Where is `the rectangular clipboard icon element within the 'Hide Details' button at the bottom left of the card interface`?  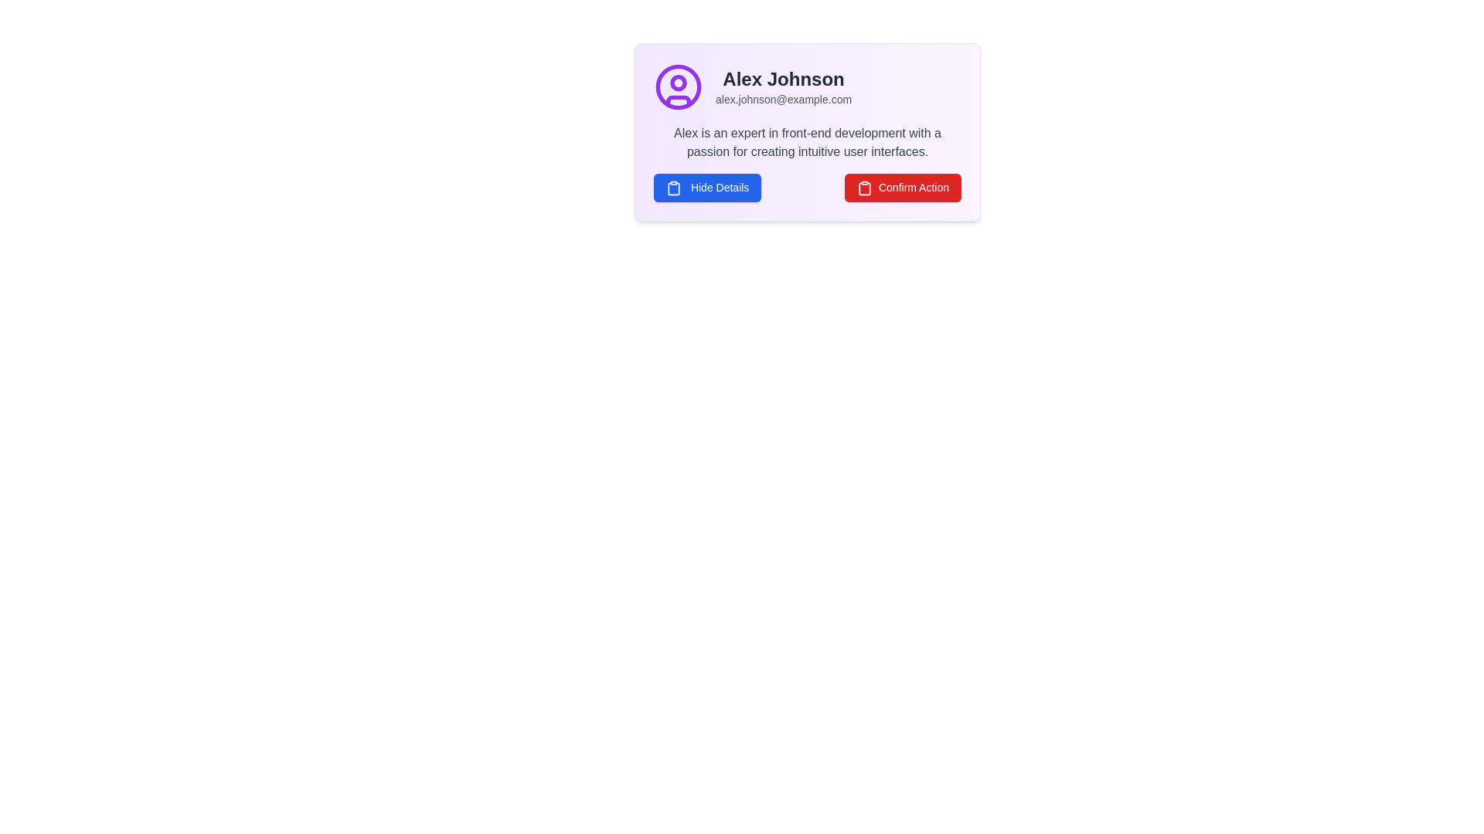
the rectangular clipboard icon element within the 'Hide Details' button at the bottom left of the card interface is located at coordinates (674, 188).